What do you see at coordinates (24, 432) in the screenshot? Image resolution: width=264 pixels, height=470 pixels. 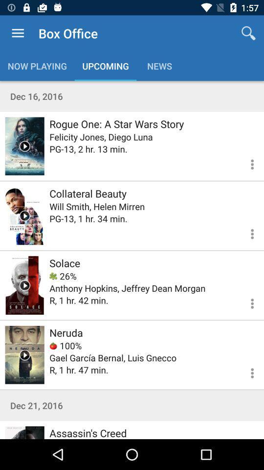 I see `assassin 's creed` at bounding box center [24, 432].